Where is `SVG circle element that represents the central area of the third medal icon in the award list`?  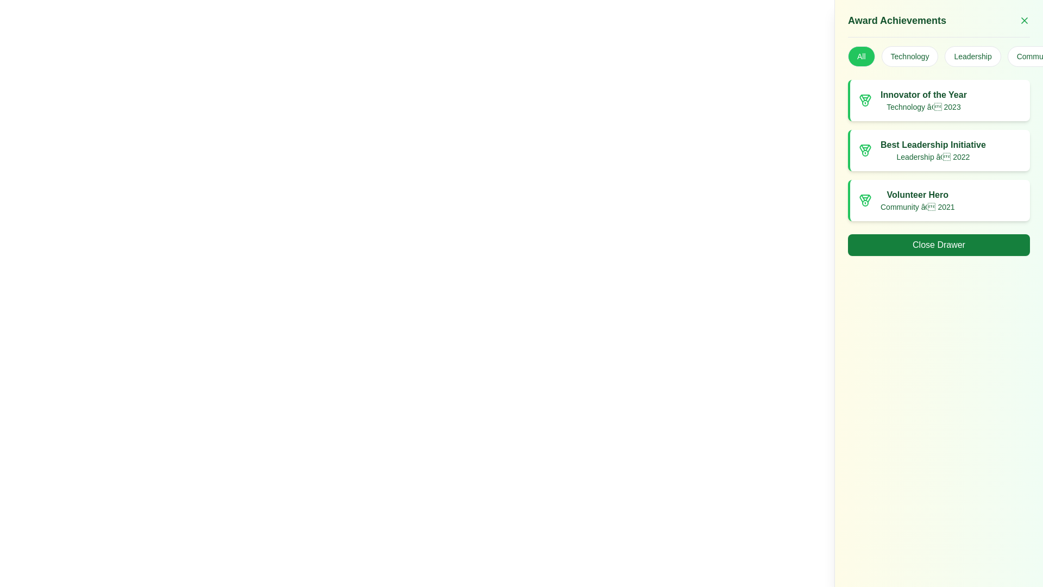 SVG circle element that represents the central area of the third medal icon in the award list is located at coordinates (865, 203).